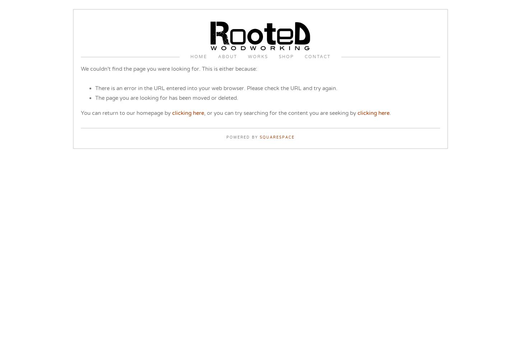 The image size is (521, 359). I want to click on 'Squarespace', so click(277, 137).